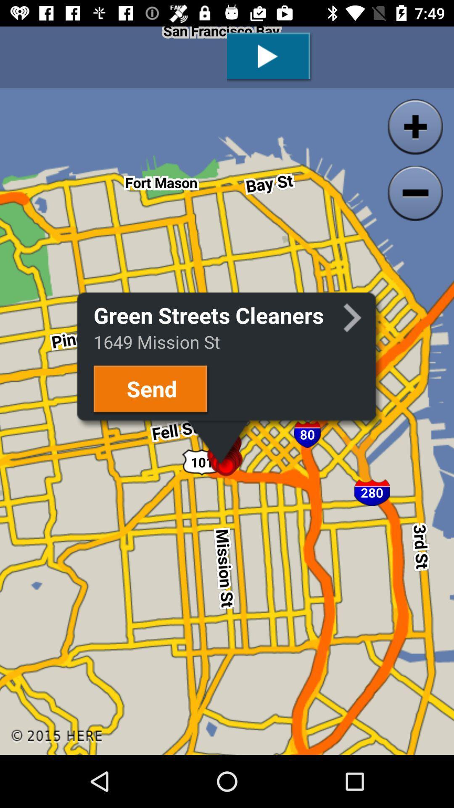 This screenshot has height=808, width=454. I want to click on send, so click(152, 390).